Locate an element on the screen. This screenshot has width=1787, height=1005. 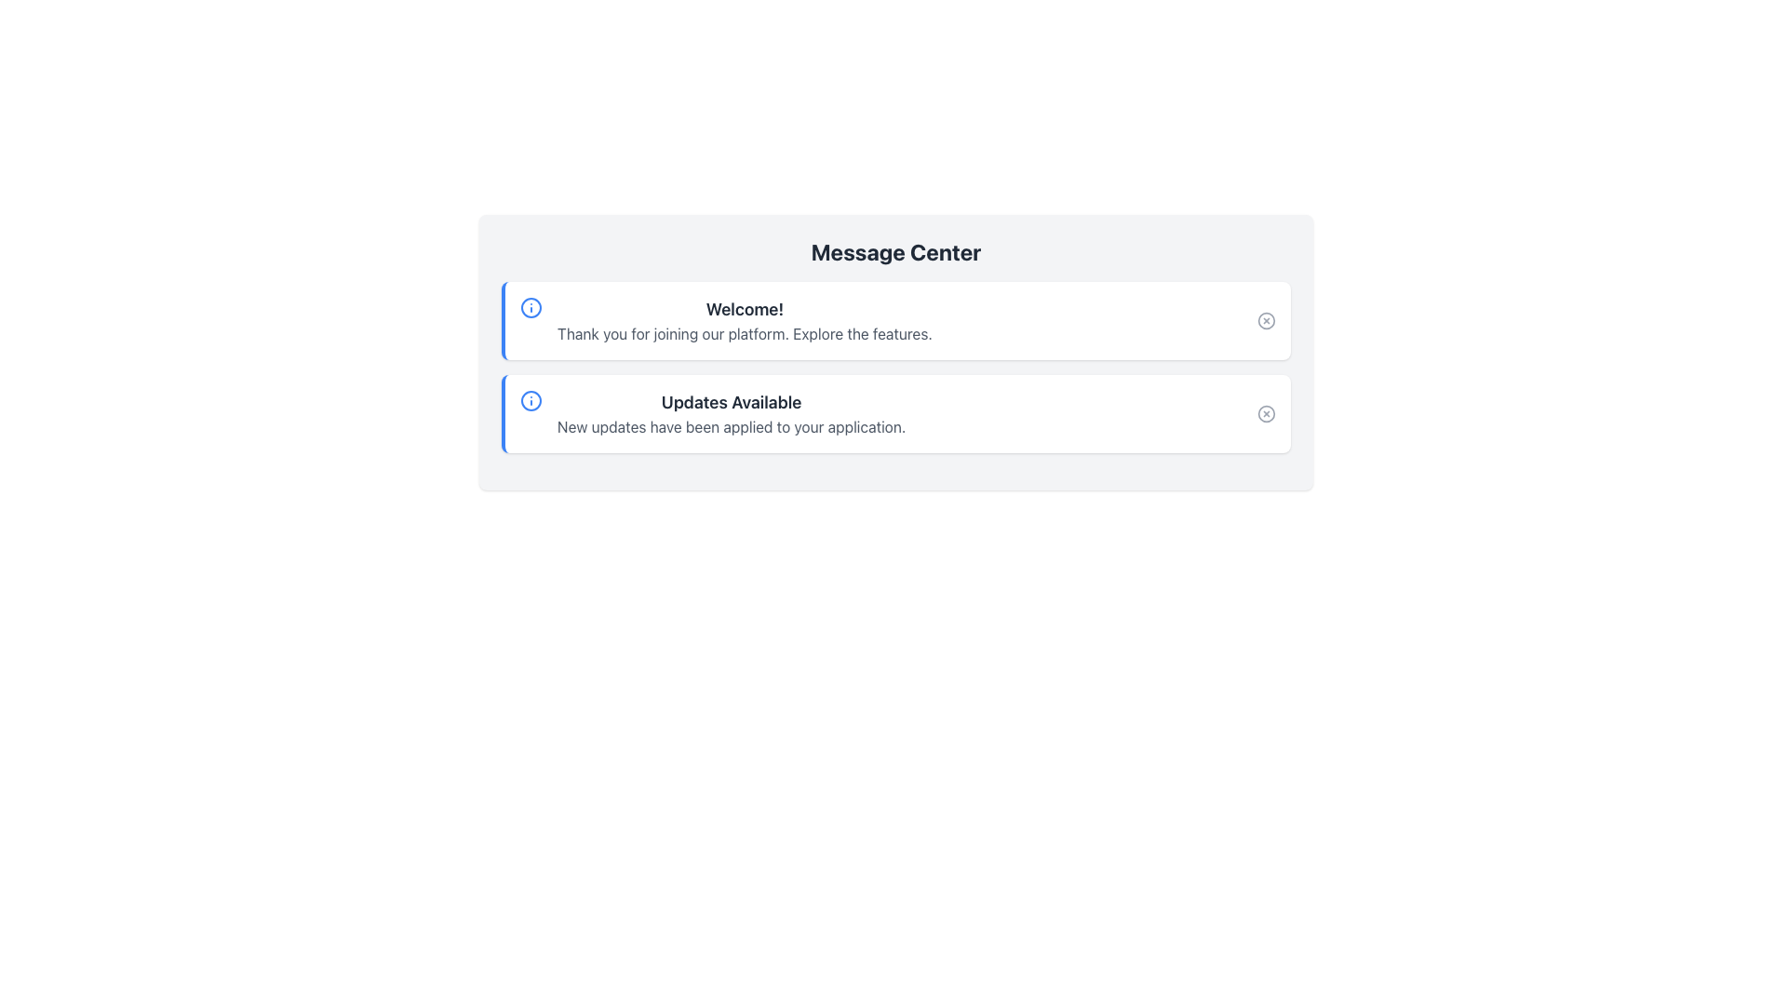
informational text block titled 'Updates Available' which describes that new updates have been applied to your application is located at coordinates (712, 412).